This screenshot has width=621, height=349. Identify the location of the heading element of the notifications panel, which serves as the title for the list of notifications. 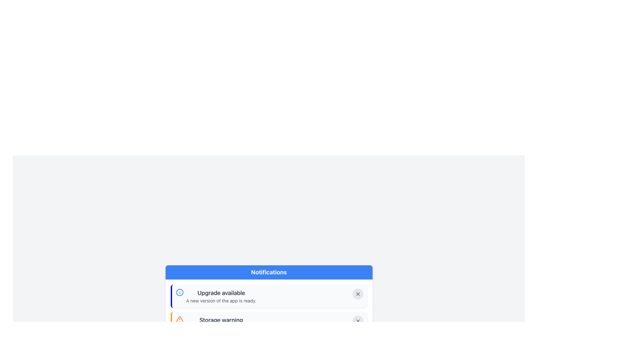
(269, 272).